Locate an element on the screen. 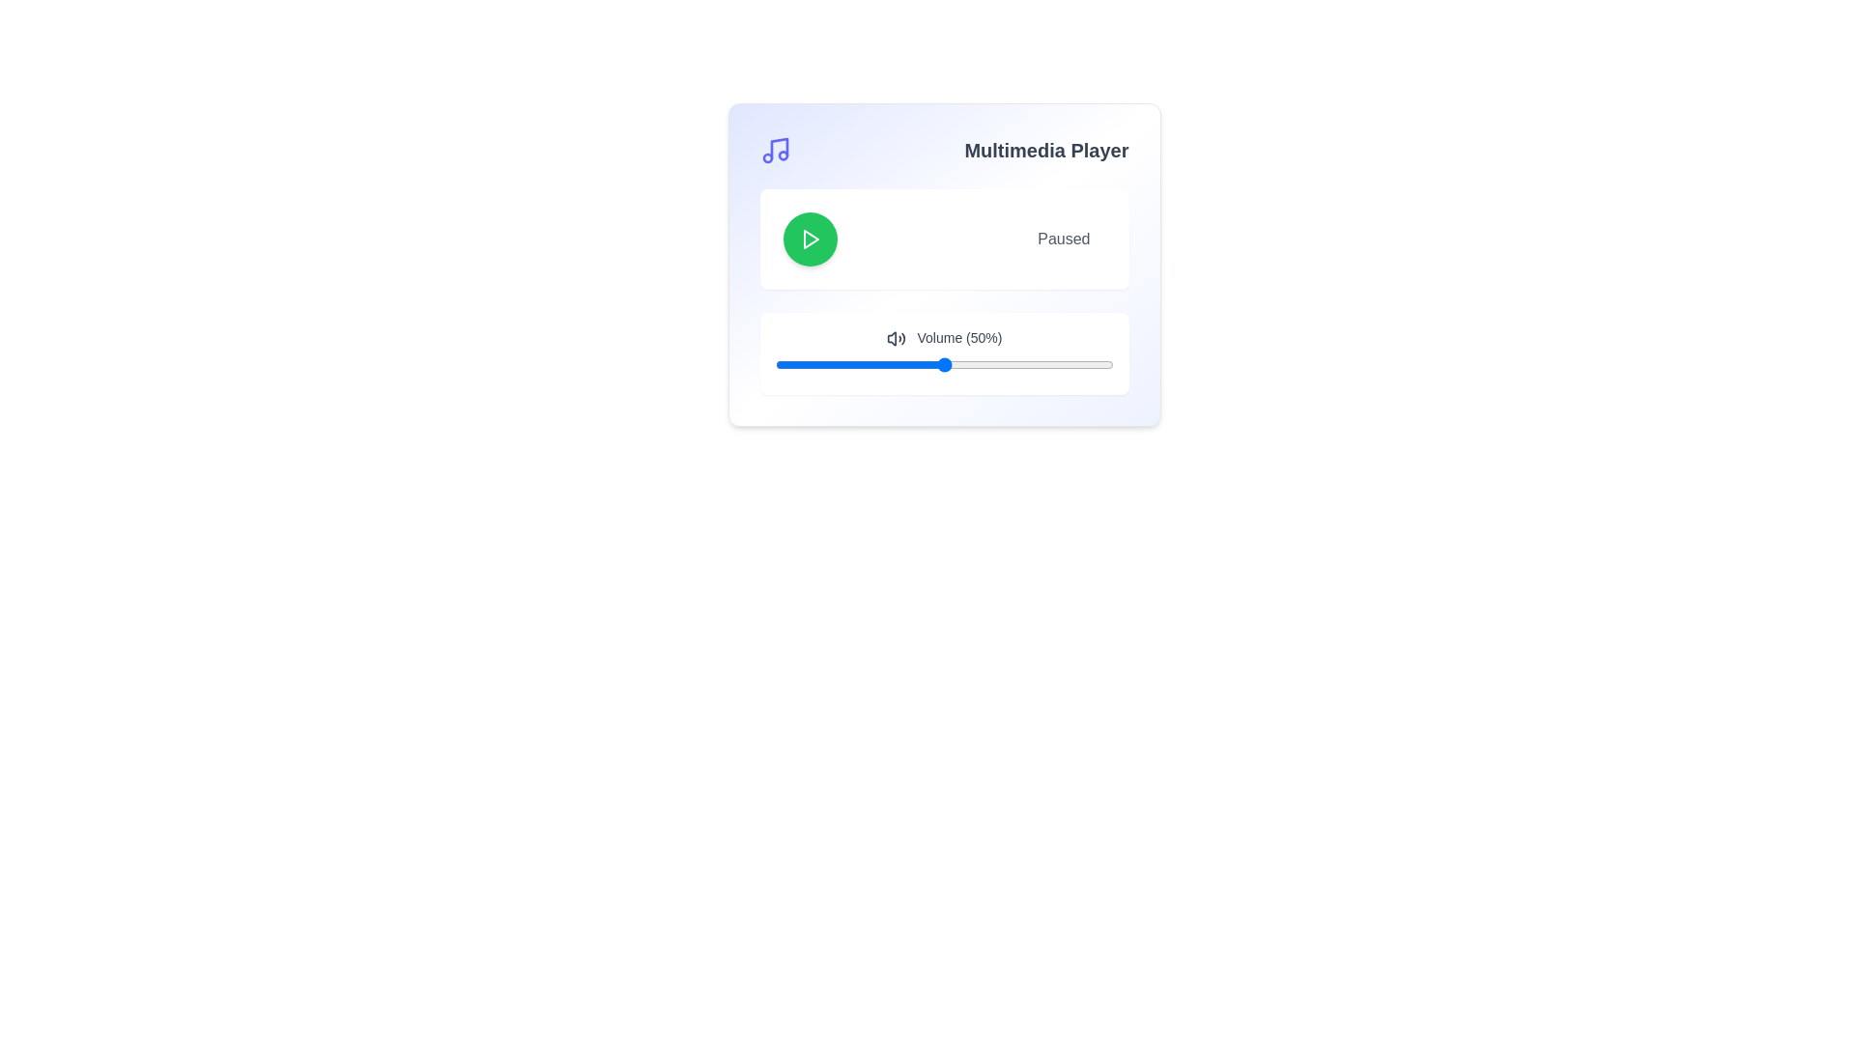 This screenshot has width=1855, height=1043. volume is located at coordinates (1020, 365).